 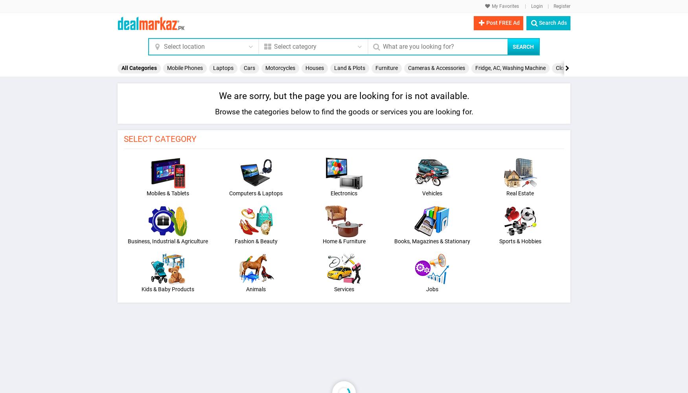 What do you see at coordinates (249, 68) in the screenshot?
I see `'Cars'` at bounding box center [249, 68].